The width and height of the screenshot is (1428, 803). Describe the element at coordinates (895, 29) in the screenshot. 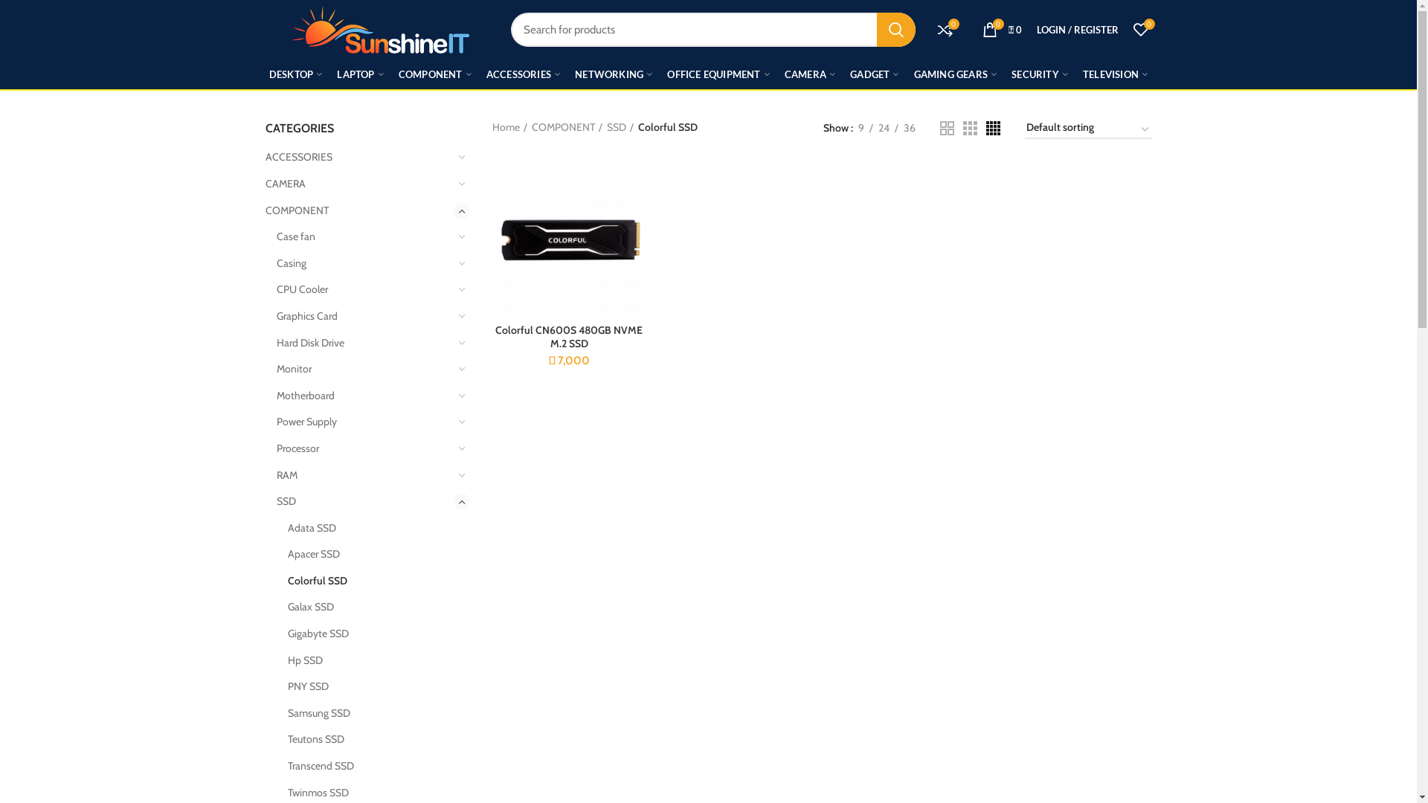

I see `'SEARCH'` at that location.